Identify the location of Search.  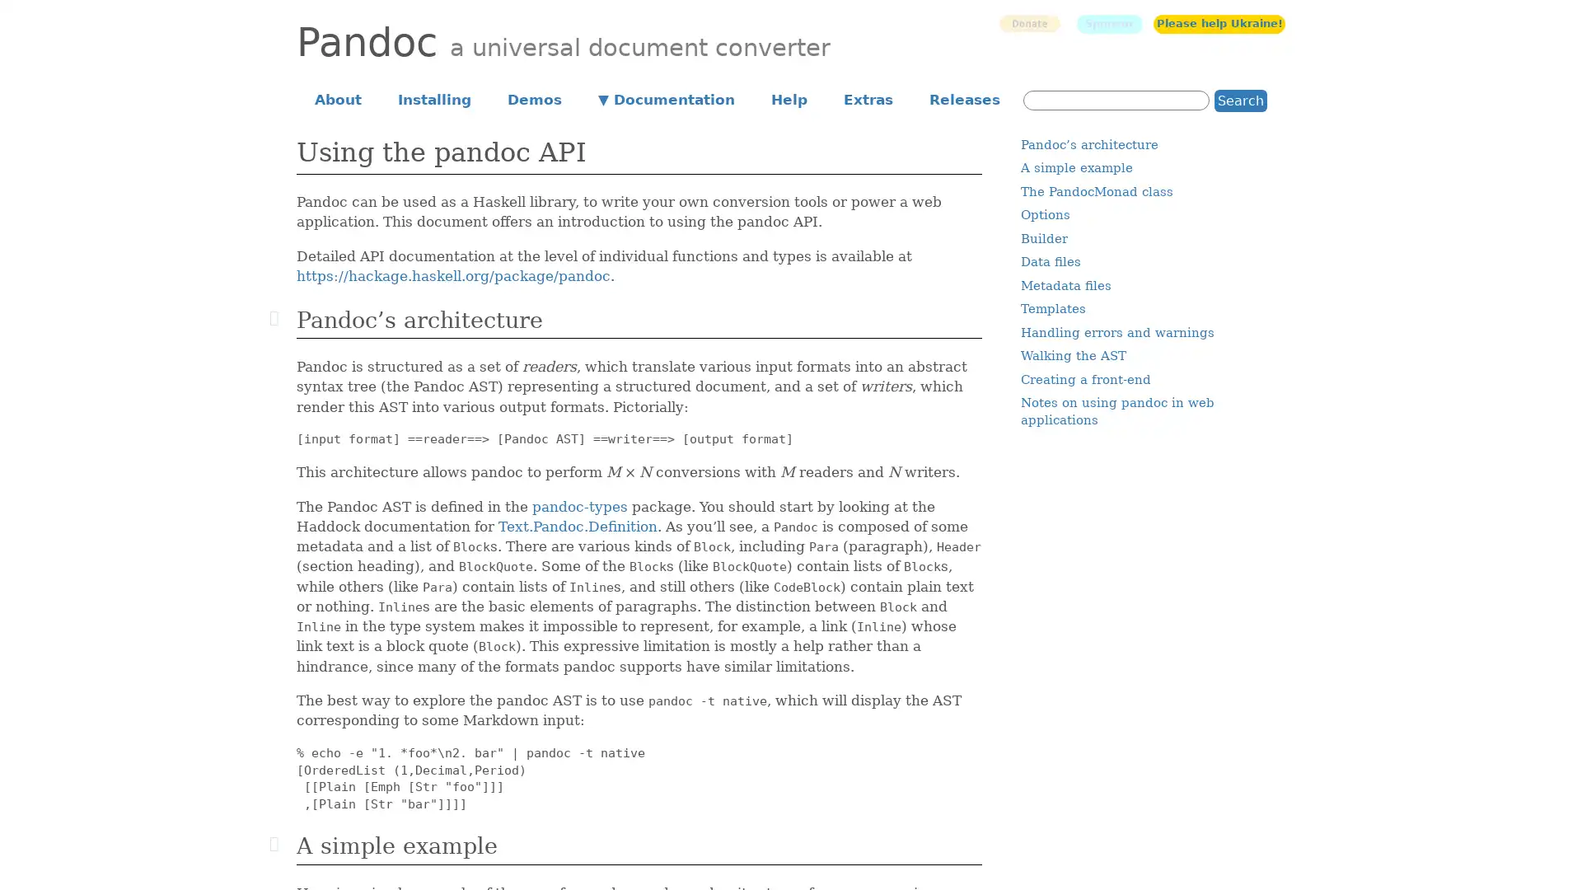
(1241, 100).